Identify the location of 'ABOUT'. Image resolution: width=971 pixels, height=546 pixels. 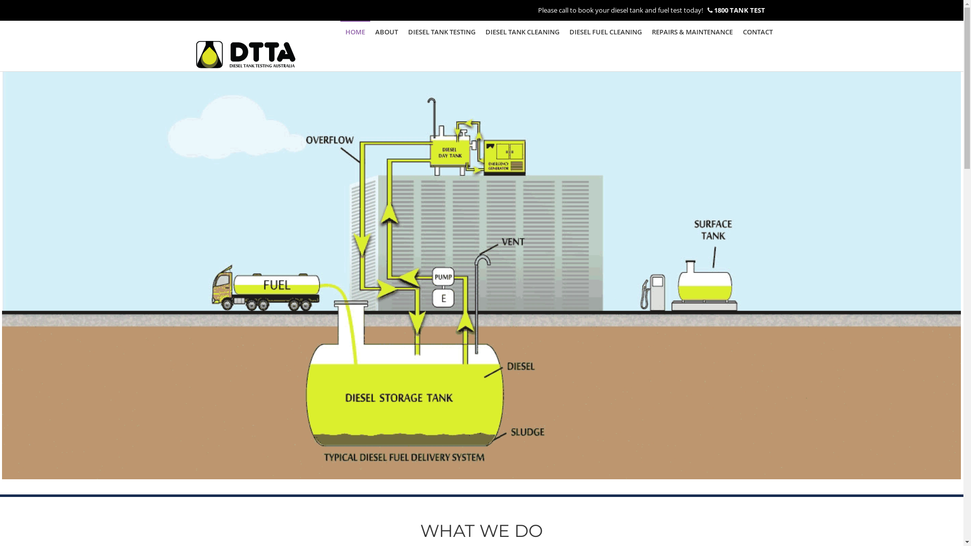
(386, 31).